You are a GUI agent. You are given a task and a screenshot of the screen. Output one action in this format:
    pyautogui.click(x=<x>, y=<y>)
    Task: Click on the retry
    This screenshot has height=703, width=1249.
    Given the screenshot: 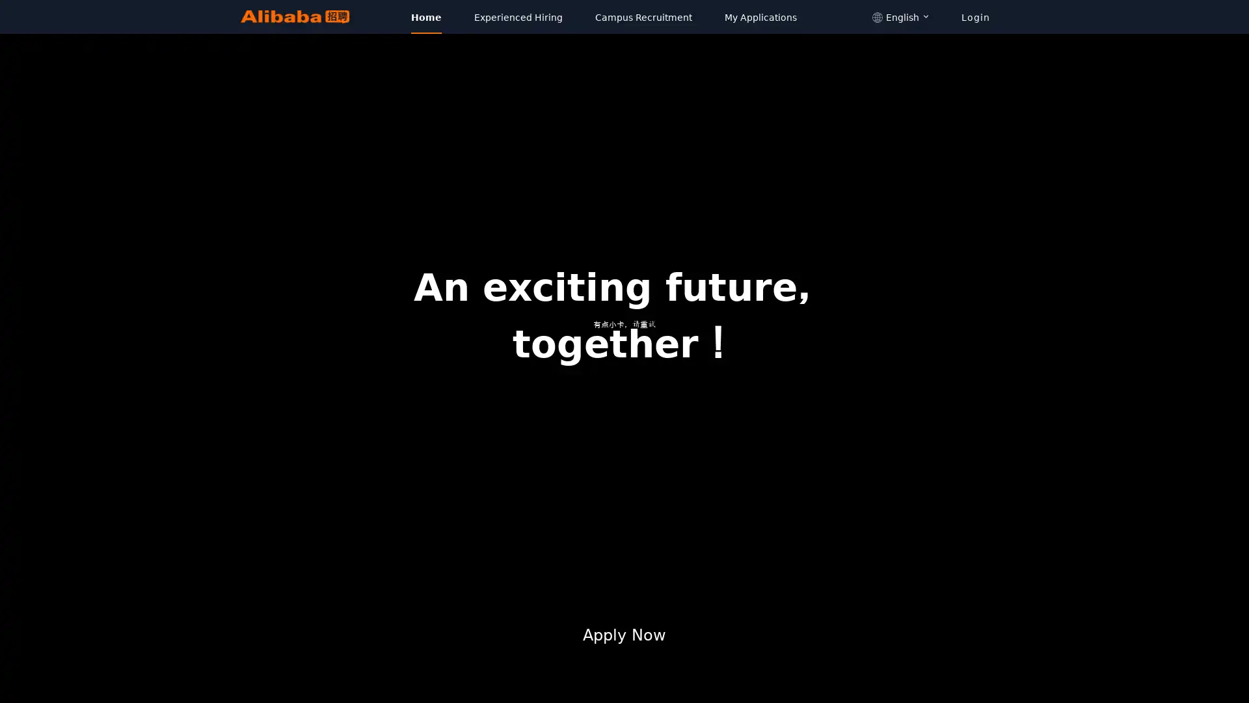 What is the action you would take?
    pyautogui.click(x=624, y=349)
    